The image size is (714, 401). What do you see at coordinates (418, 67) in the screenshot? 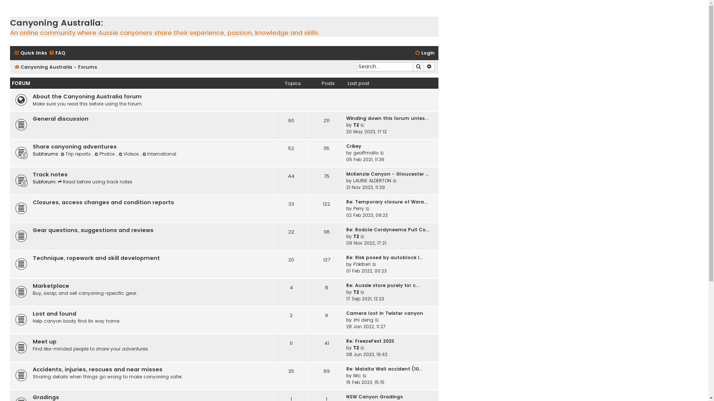
I see `'Search'` at bounding box center [418, 67].